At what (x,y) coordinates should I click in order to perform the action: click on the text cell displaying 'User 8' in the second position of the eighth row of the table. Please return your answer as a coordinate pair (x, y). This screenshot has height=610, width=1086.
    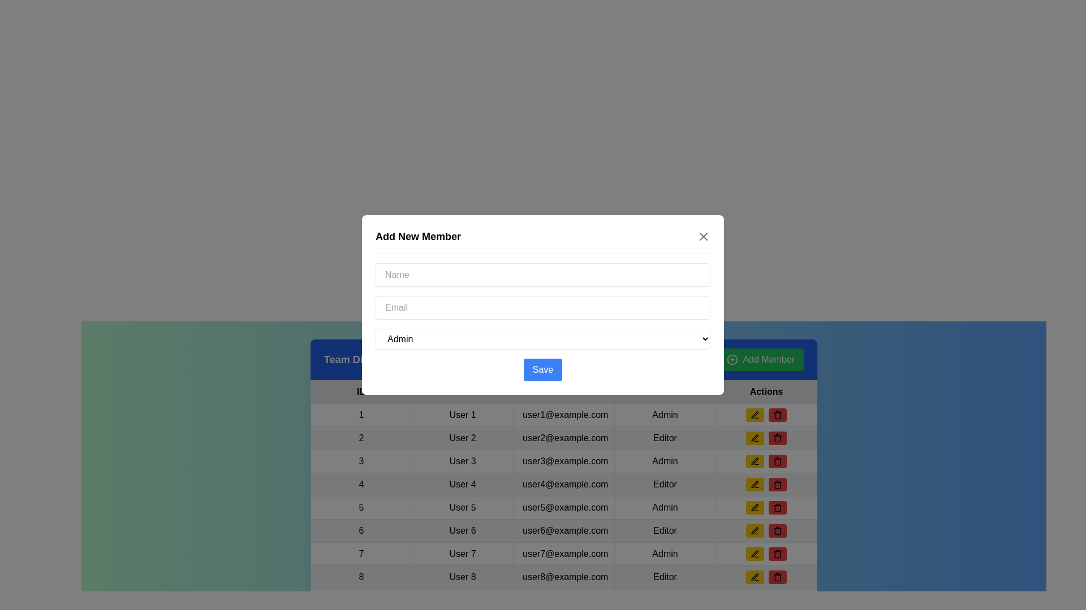
    Looking at the image, I should click on (462, 577).